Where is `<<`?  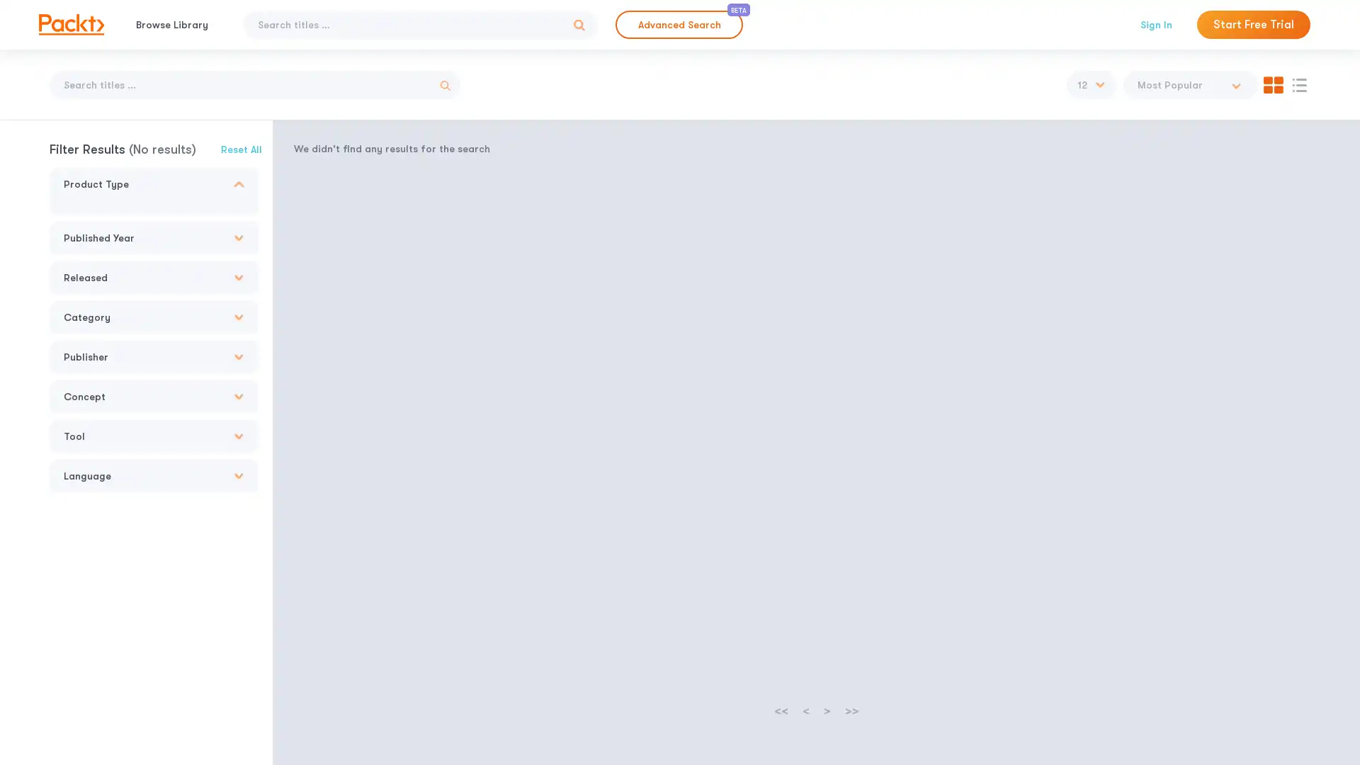
<< is located at coordinates (780, 712).